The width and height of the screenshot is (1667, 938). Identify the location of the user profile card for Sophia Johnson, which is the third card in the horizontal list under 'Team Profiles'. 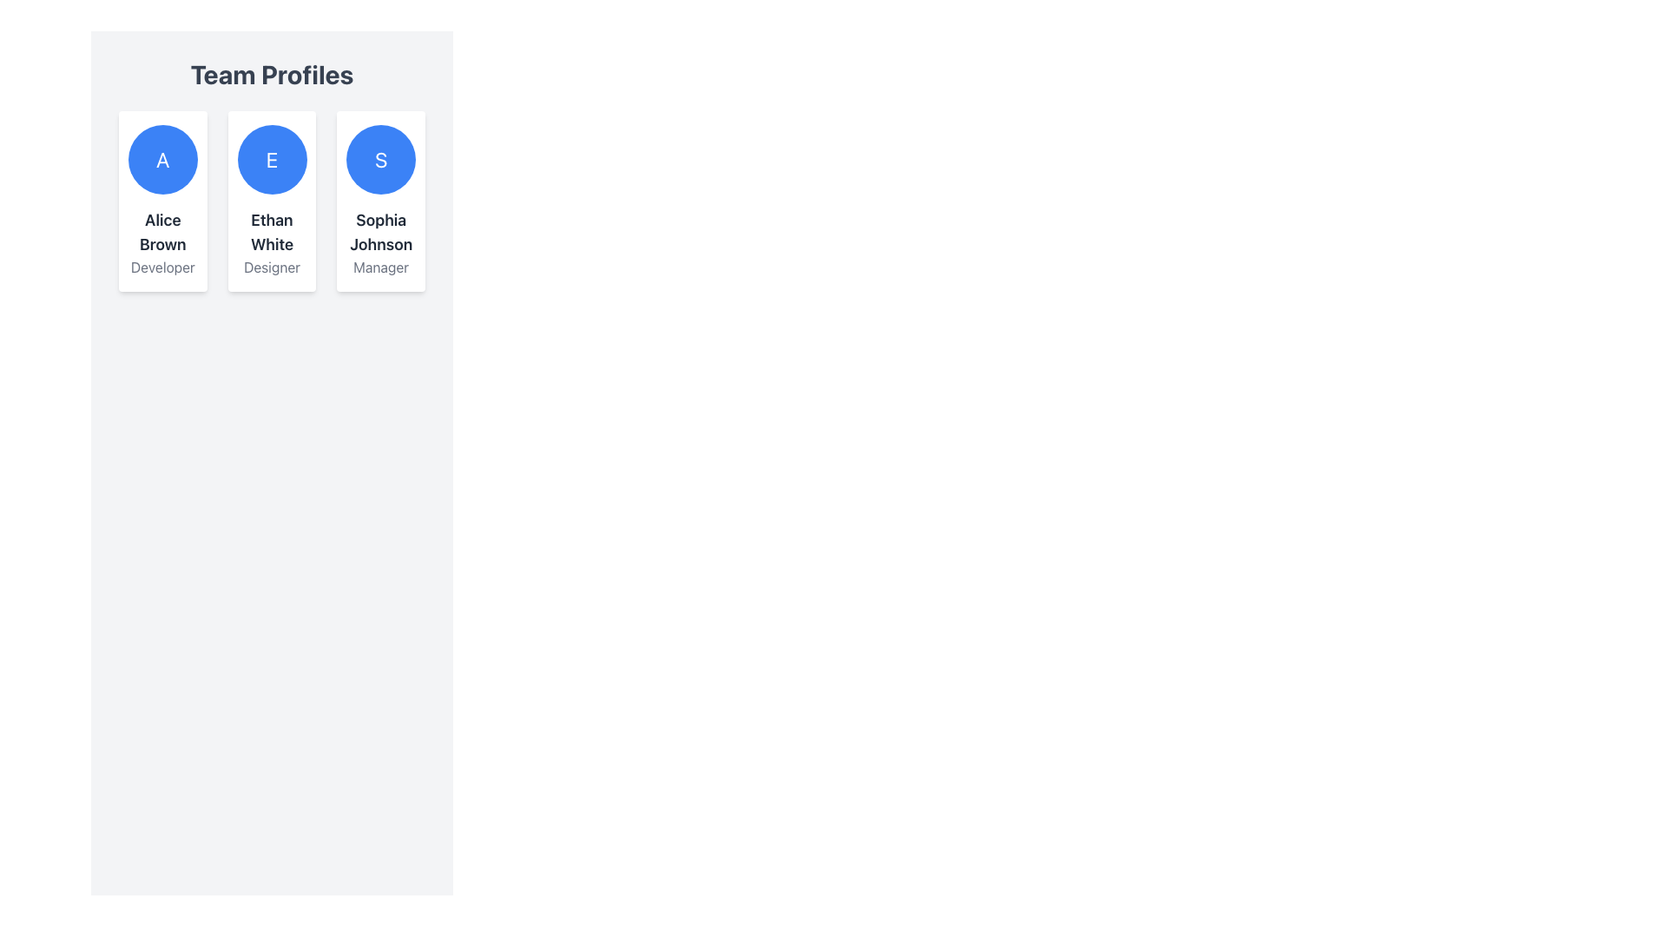
(380, 200).